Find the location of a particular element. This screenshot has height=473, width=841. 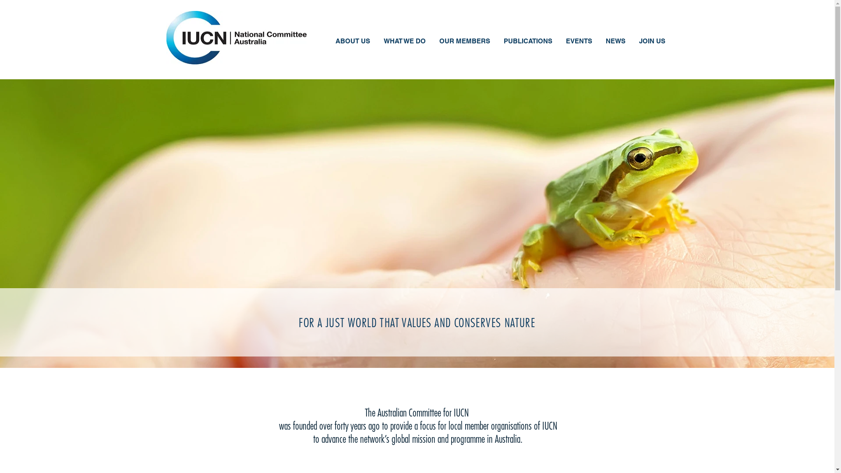

'JOIN US' is located at coordinates (651, 42).